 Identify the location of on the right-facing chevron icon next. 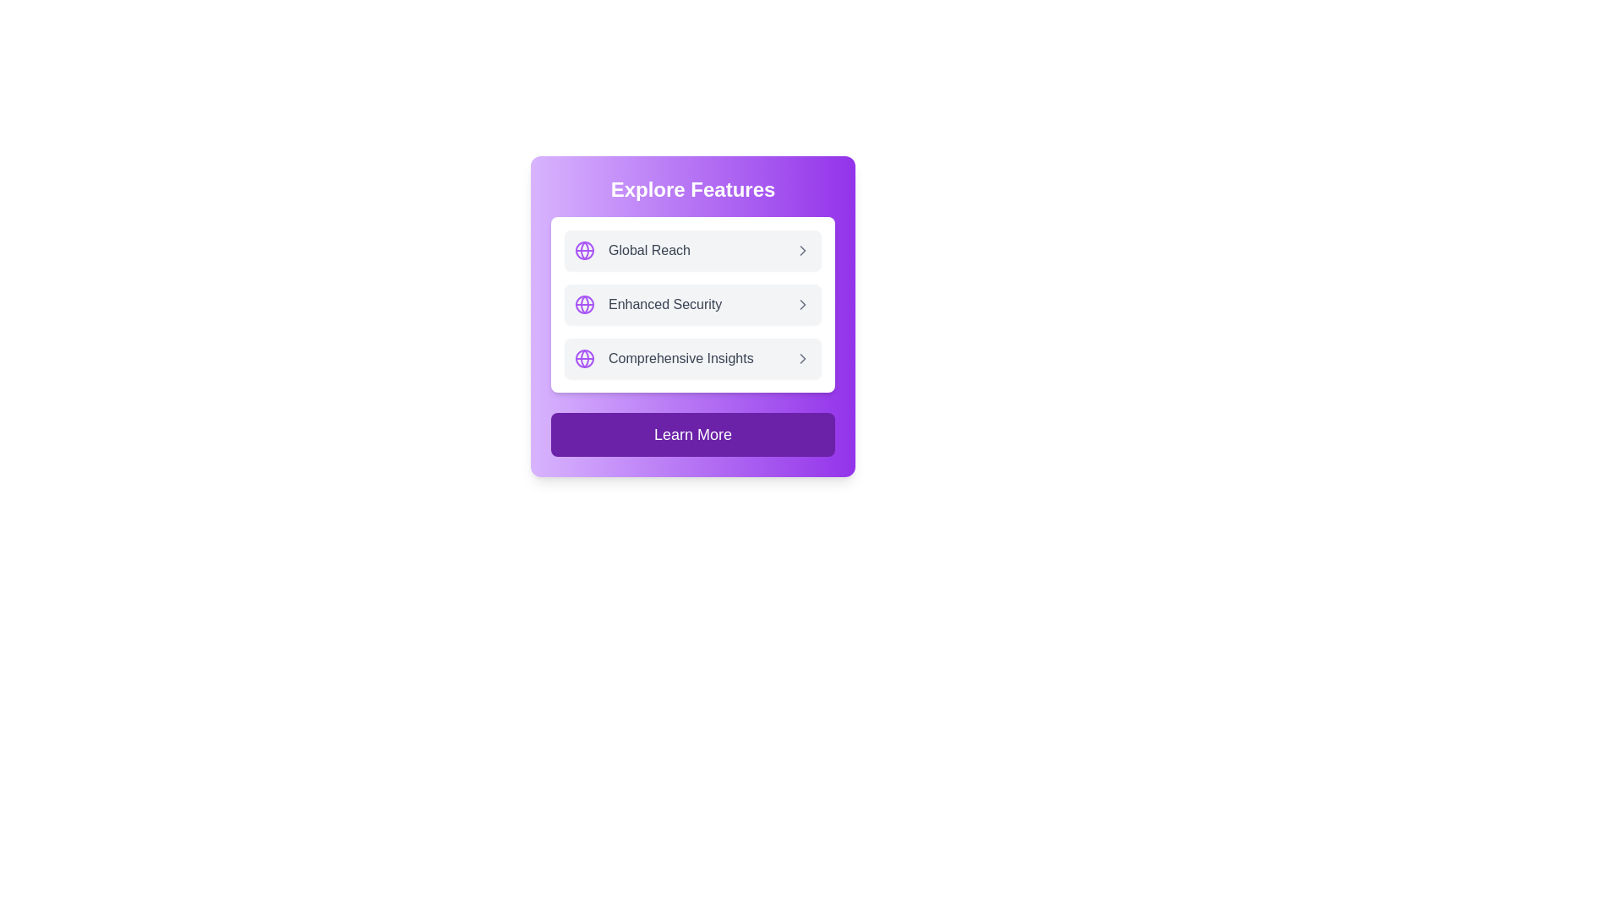
(802, 251).